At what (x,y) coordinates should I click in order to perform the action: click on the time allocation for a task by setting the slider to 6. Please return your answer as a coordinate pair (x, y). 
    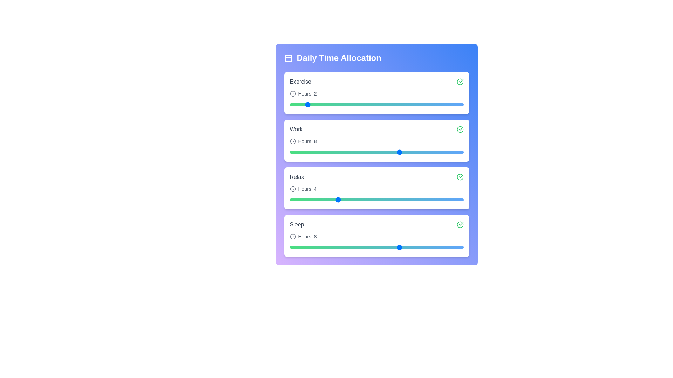
    Looking at the image, I should click on (368, 105).